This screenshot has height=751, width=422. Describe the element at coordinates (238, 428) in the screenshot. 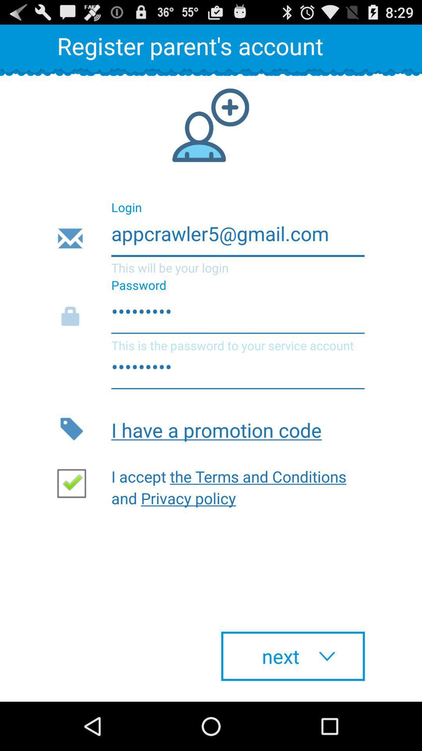

I see `the i have a` at that location.